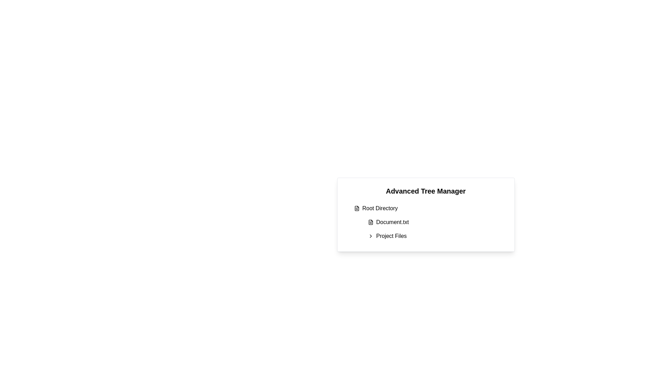  What do you see at coordinates (379, 208) in the screenshot?
I see `the 'Root Directory' label in the navigational tree, which serves as the main label for the root directory and is the first item in the tree structure` at bounding box center [379, 208].